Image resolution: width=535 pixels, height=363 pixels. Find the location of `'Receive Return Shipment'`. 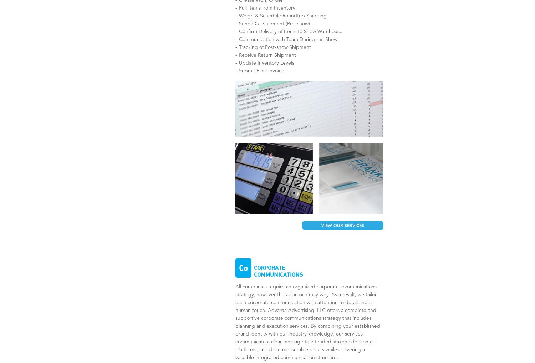

'Receive Return Shipment' is located at coordinates (239, 55).